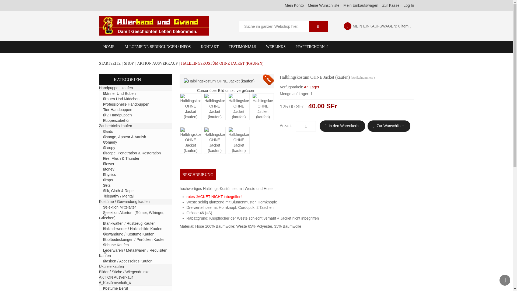 This screenshot has height=291, width=517. Describe the element at coordinates (118, 190) in the screenshot. I see `'Silk, Cloth & Rope'` at that location.